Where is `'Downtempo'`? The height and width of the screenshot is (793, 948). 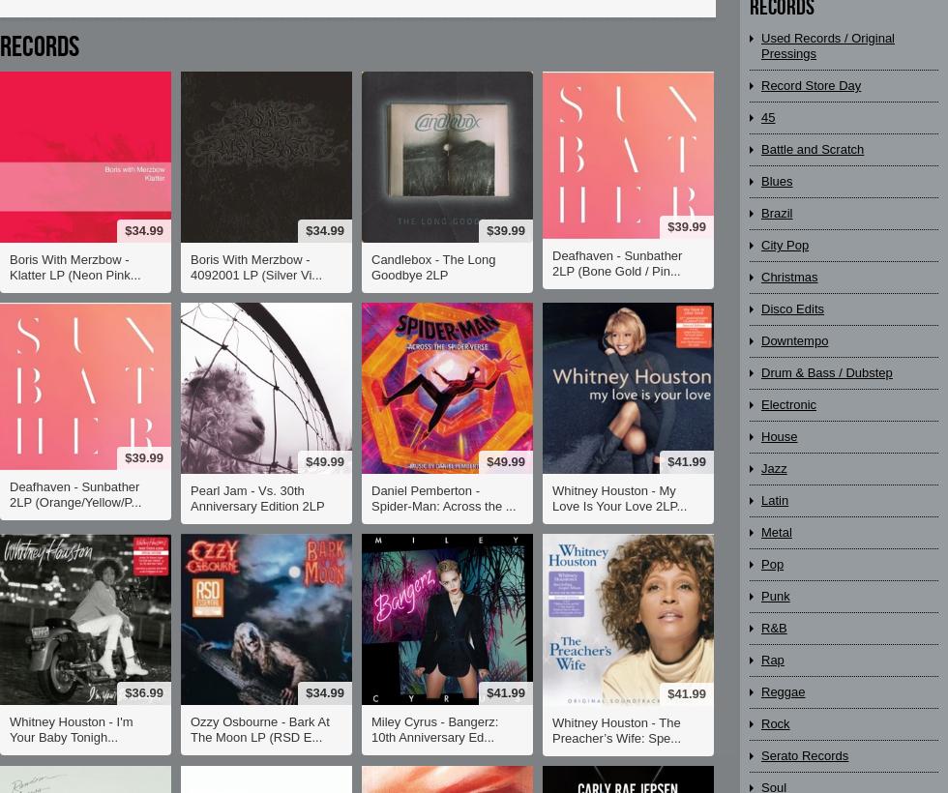 'Downtempo' is located at coordinates (794, 339).